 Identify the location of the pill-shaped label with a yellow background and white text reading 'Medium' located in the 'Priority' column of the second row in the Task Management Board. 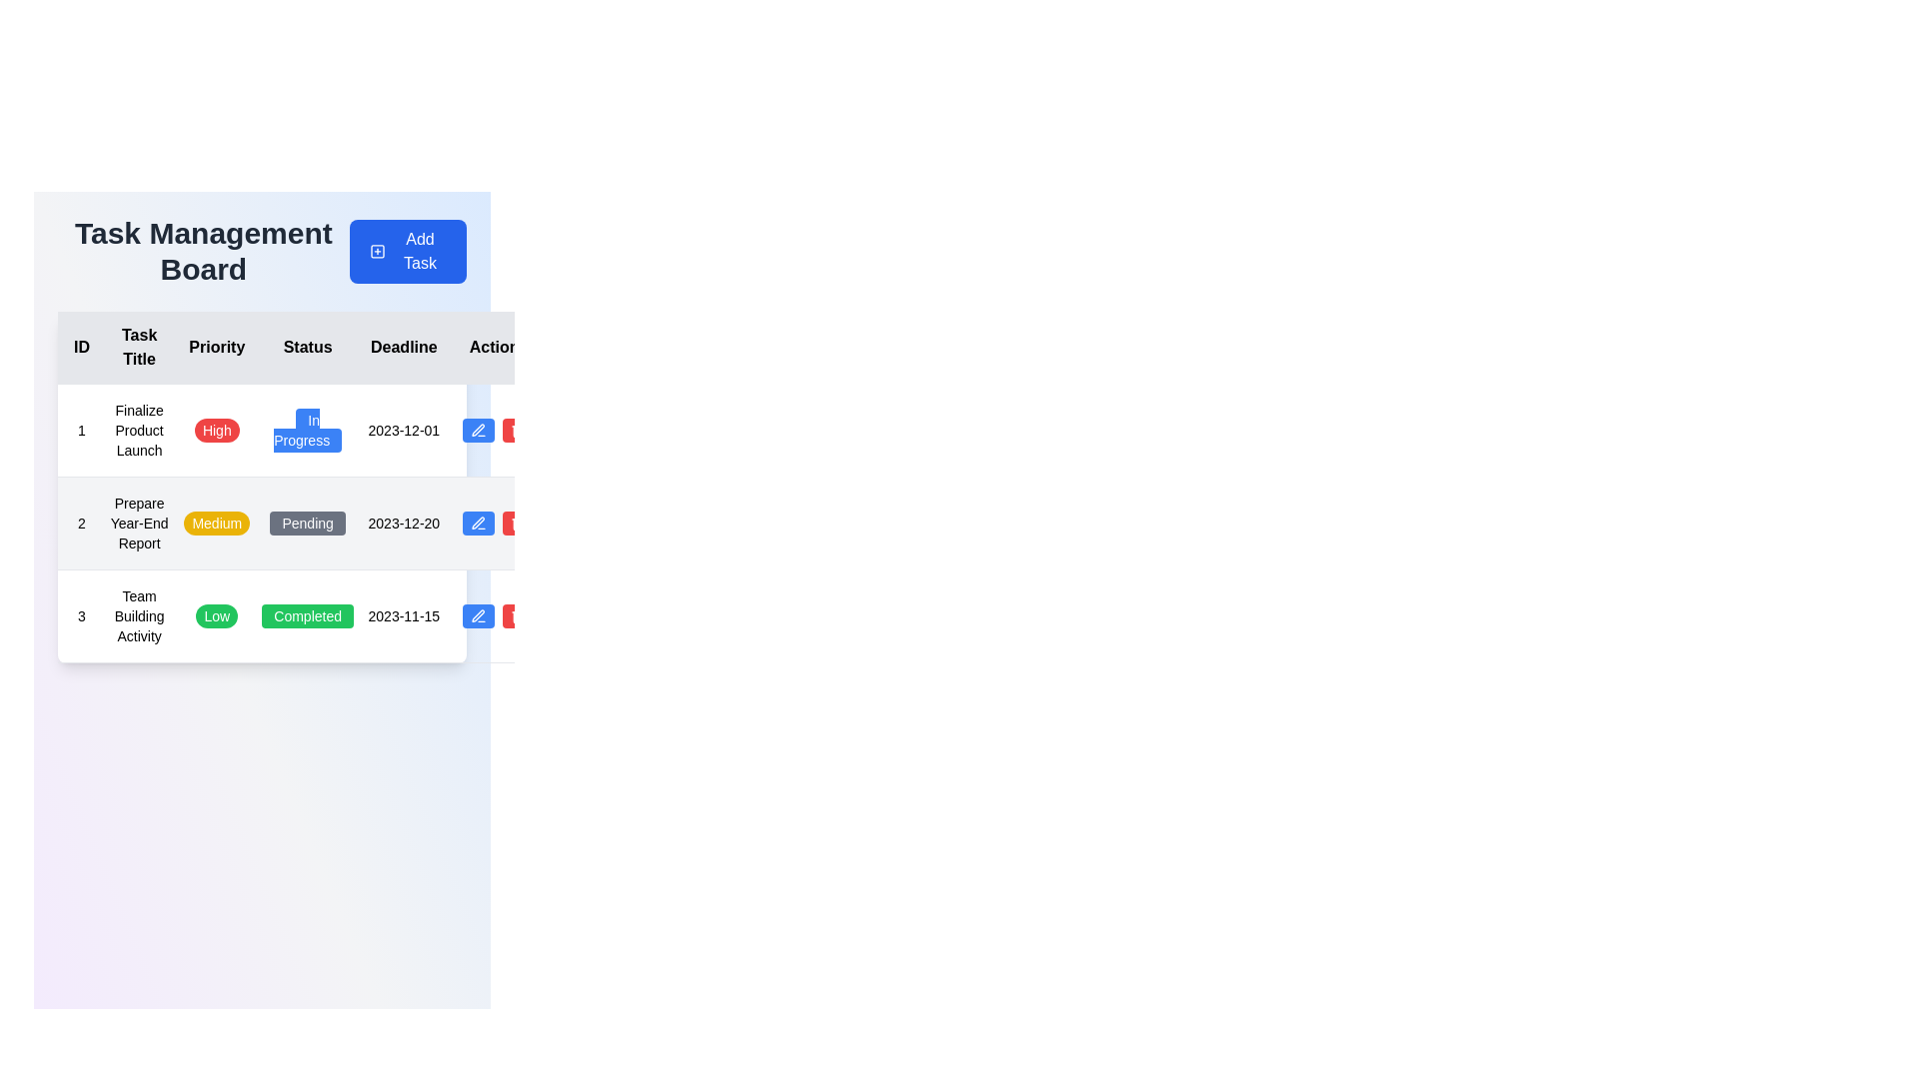
(217, 523).